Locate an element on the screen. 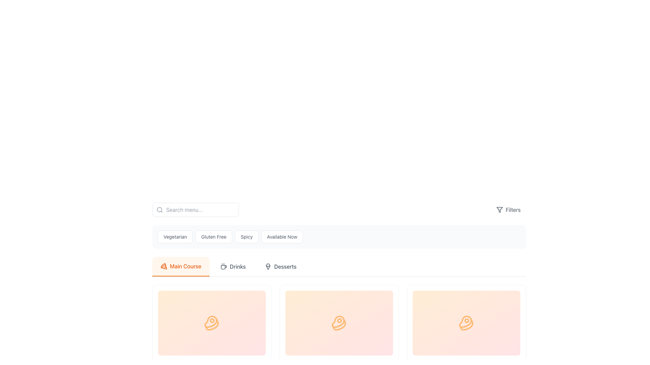 The height and width of the screenshot is (365, 650). the meat-related icon located in the first card of the horizontally arranged grid under the 'Main Course' section of the menu interface is located at coordinates (211, 321).